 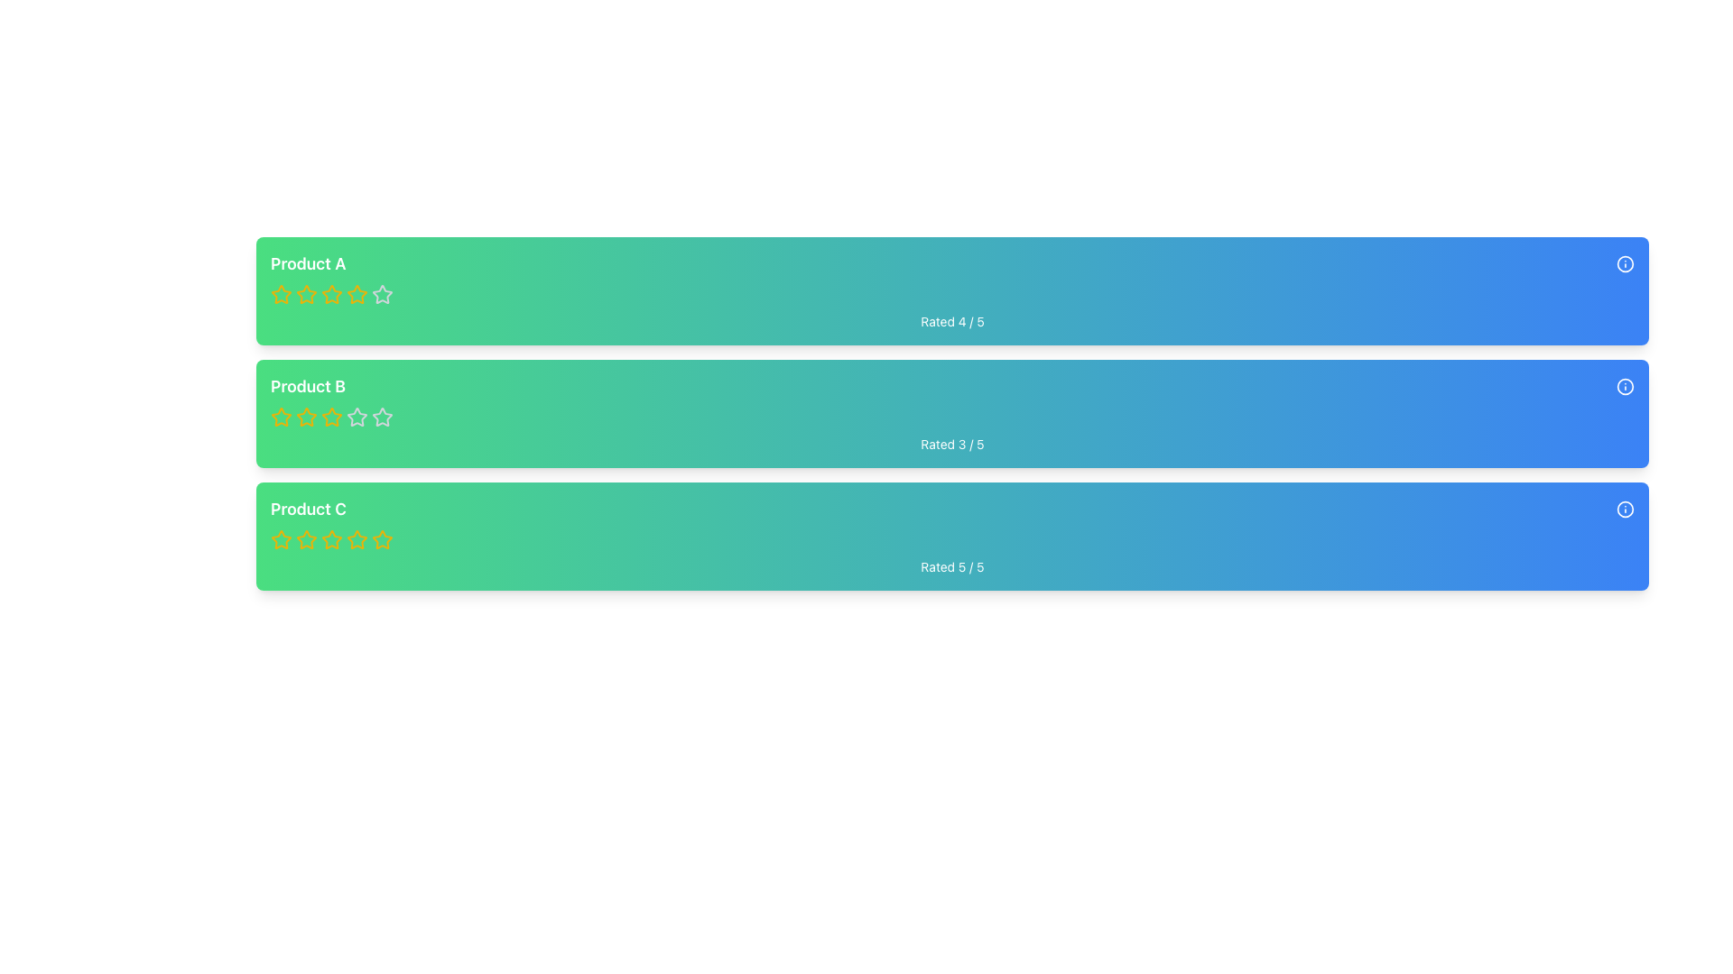 I want to click on the 5th star icon in the rating row of 'Product A' to interact with it, so click(x=381, y=294).